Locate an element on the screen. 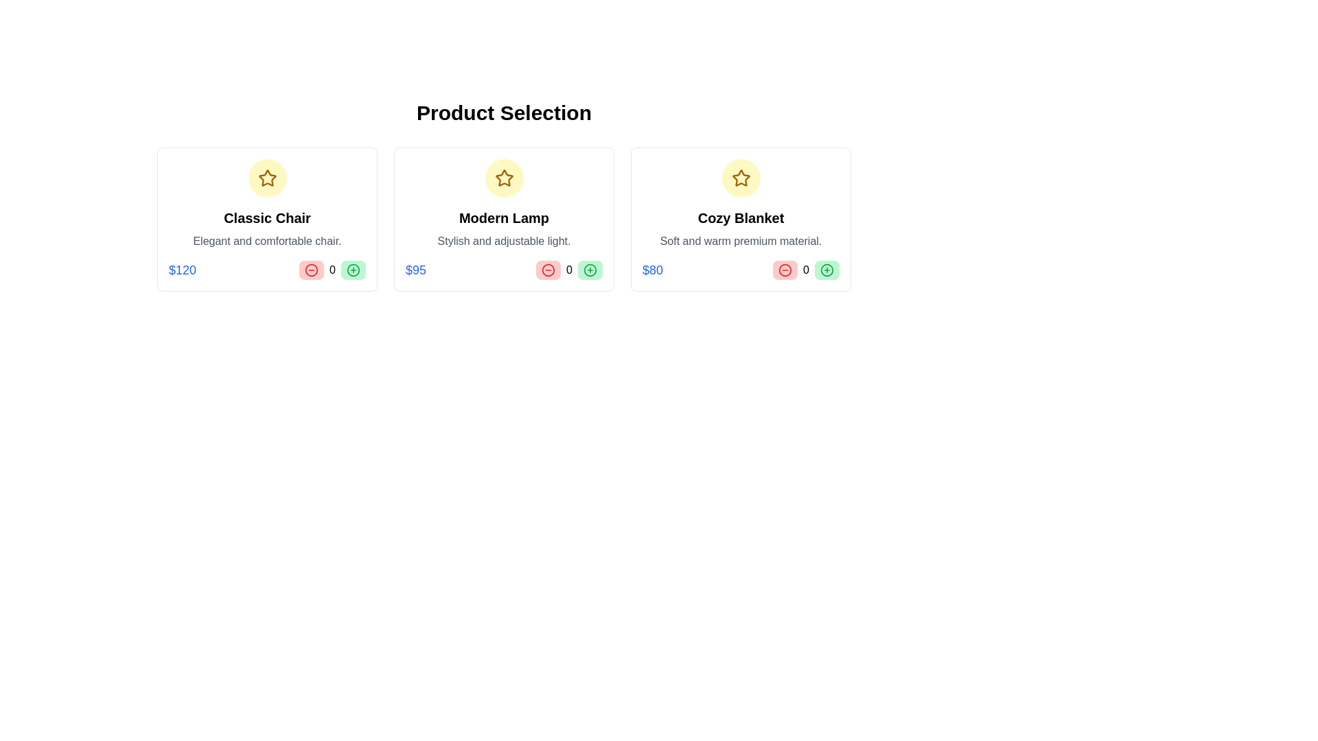 Image resolution: width=1318 pixels, height=741 pixels. the thin circular outline of the Decorative circle or icon background located in the bottom right corner of the 'Classic Chair' product card is located at coordinates (353, 270).